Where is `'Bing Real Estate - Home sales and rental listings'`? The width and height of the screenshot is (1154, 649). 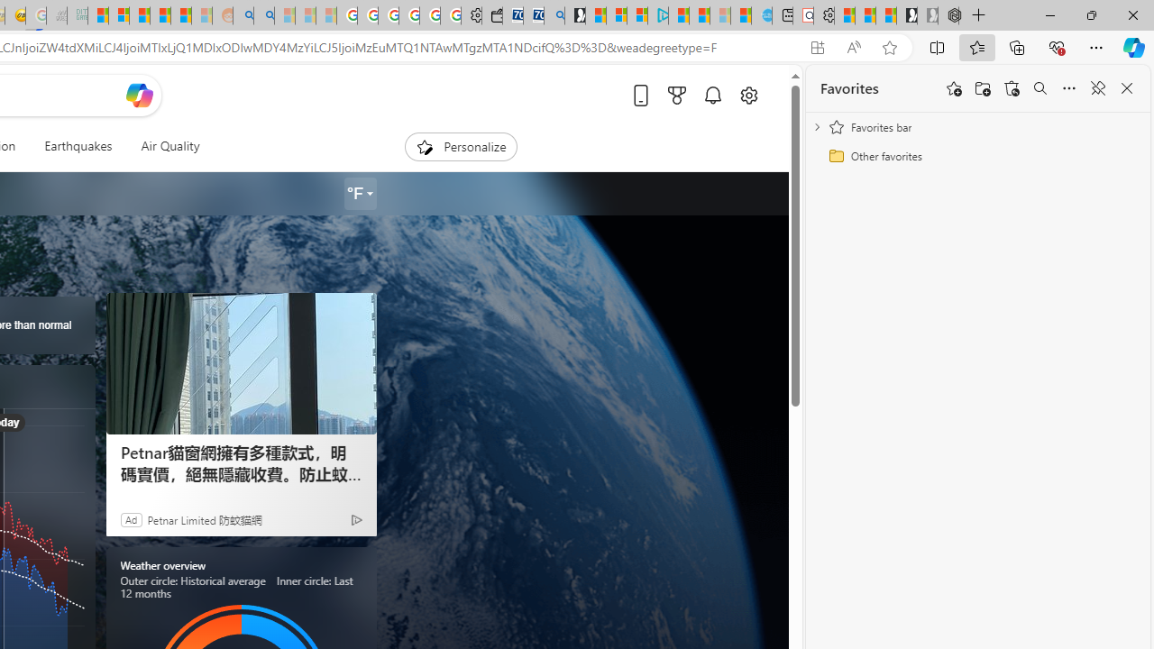 'Bing Real Estate - Home sales and rental listings' is located at coordinates (554, 15).